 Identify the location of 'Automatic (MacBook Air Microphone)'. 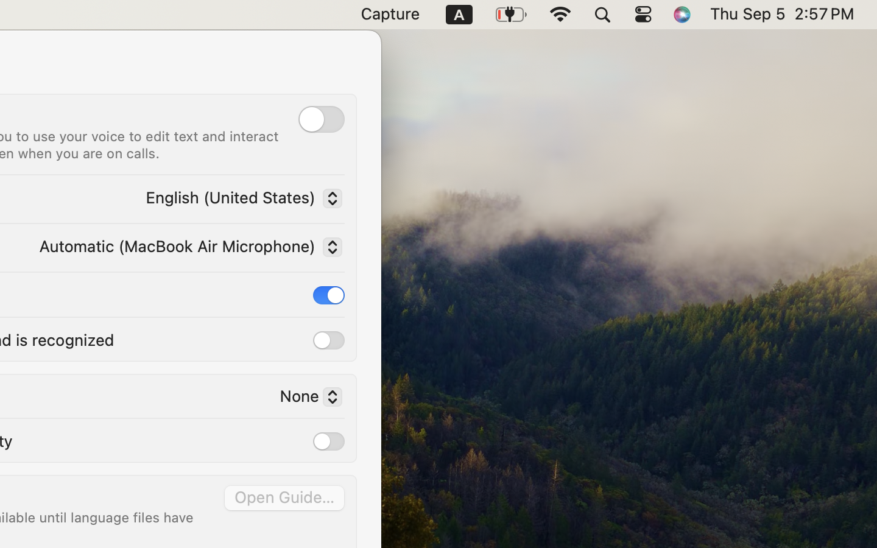
(188, 248).